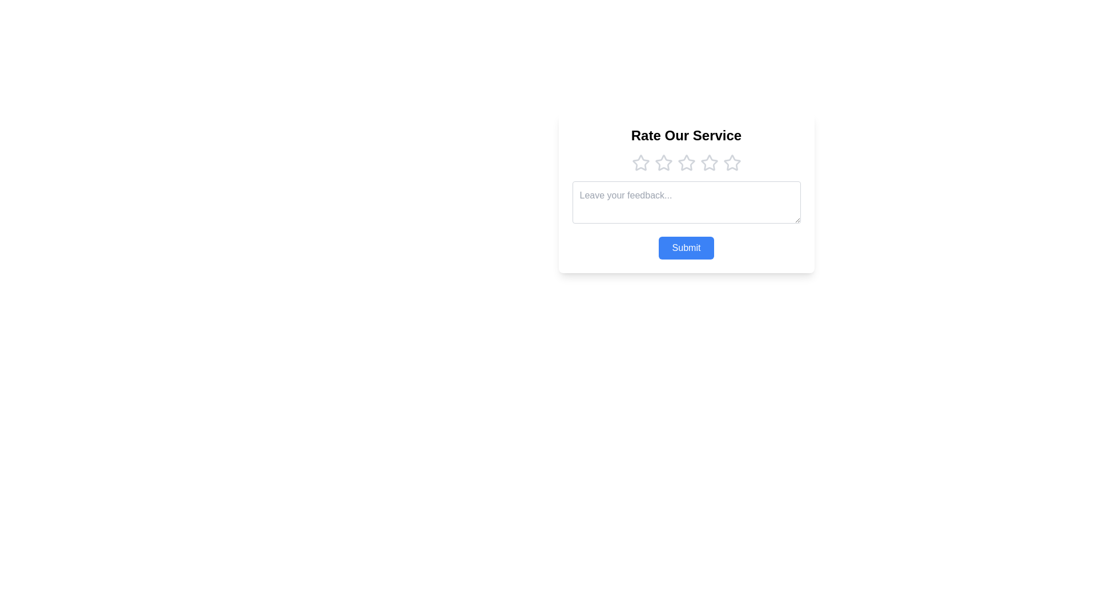  I want to click on the third star icon in the rating component, so click(708, 163).